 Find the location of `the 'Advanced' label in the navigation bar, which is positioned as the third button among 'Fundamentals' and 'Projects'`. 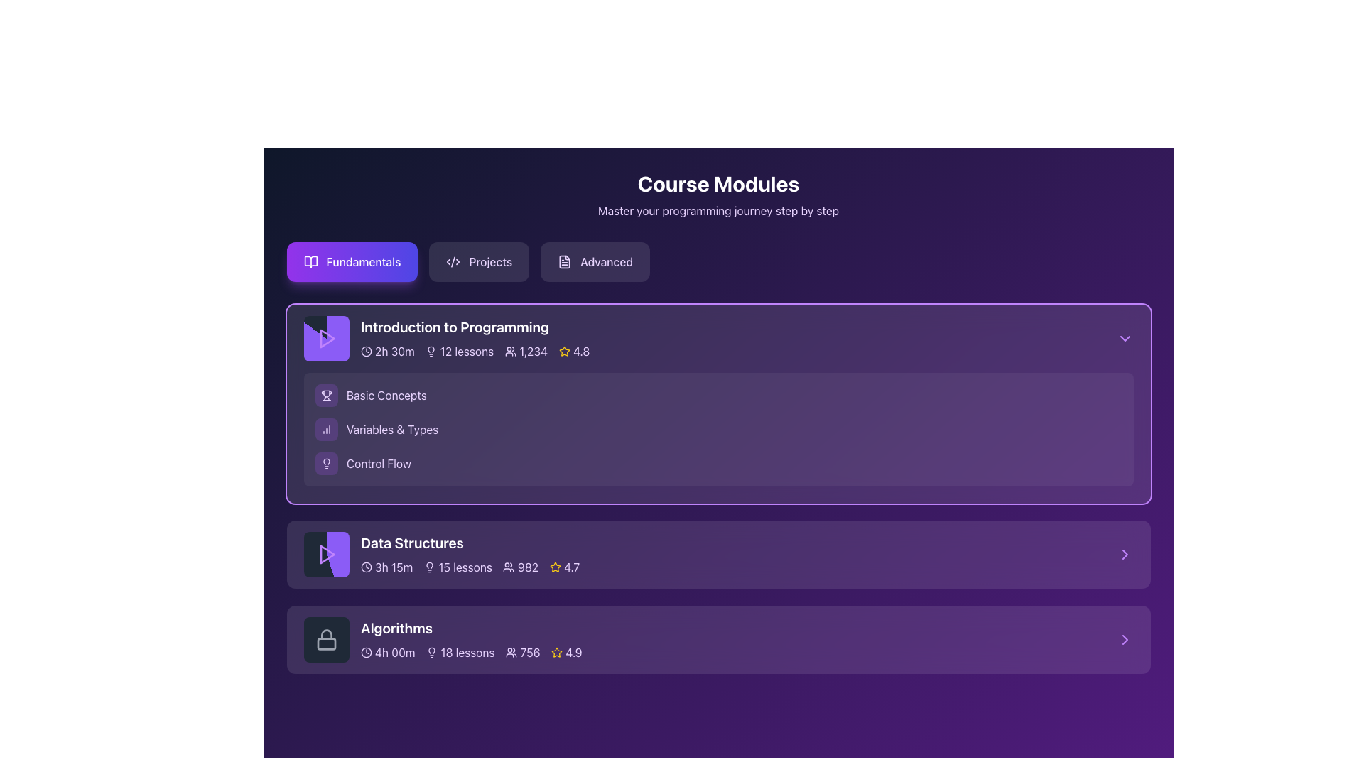

the 'Advanced' label in the navigation bar, which is positioned as the third button among 'Fundamentals' and 'Projects' is located at coordinates (607, 262).